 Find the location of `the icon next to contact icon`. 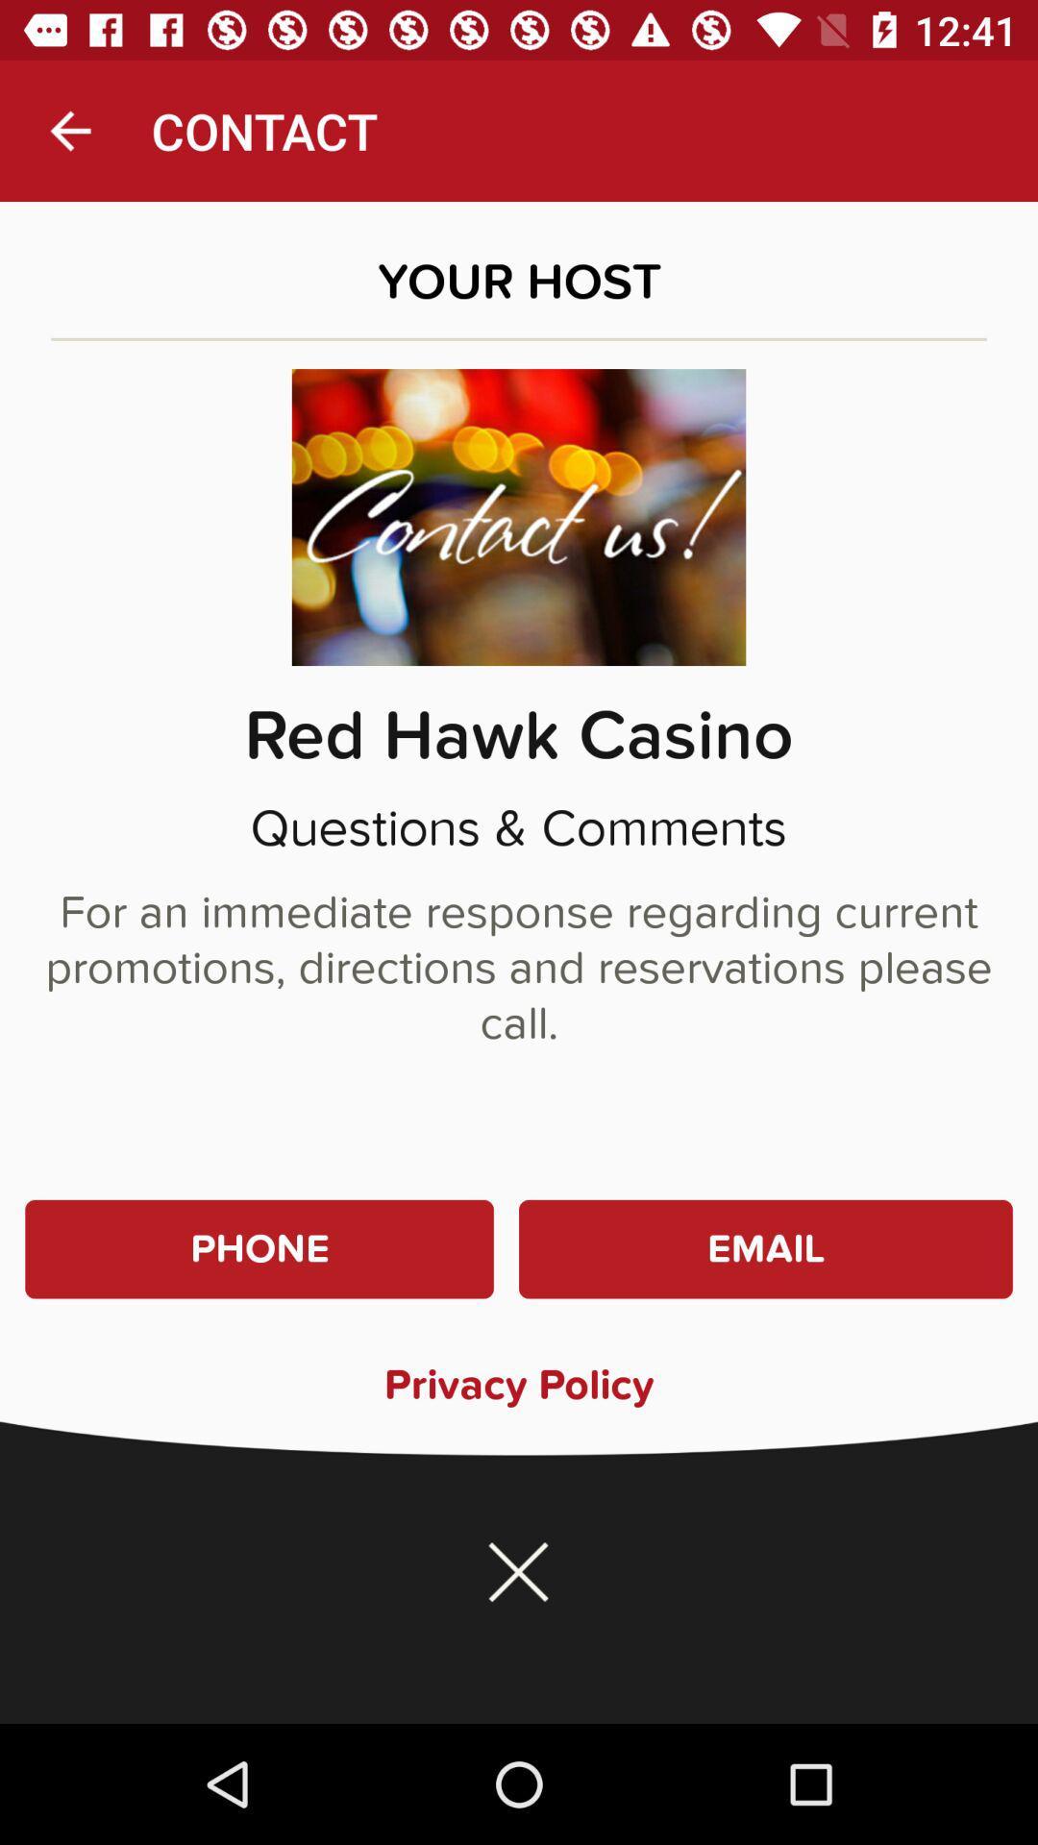

the icon next to contact icon is located at coordinates (69, 130).